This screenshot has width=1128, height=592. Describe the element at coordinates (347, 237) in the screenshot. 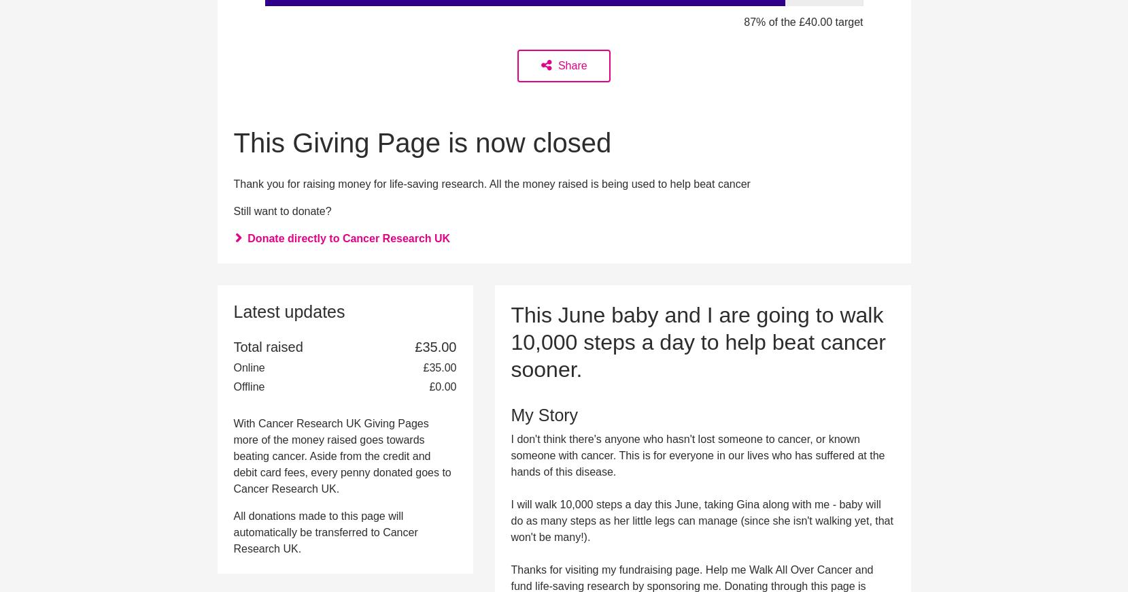

I see `'Donate directly to Cancer Research UK'` at that location.